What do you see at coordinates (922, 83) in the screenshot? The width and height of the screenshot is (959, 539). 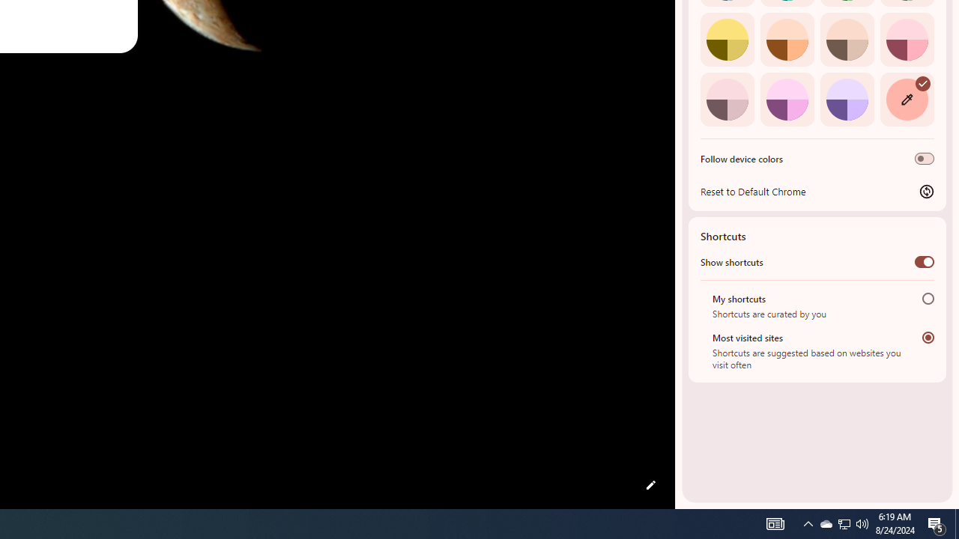 I see `'AutomationID: svg'` at bounding box center [922, 83].